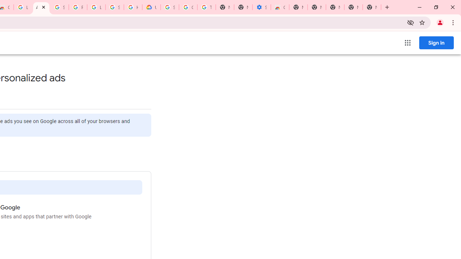 This screenshot has height=259, width=461. Describe the element at coordinates (453, 22) in the screenshot. I see `'Chrome'` at that location.